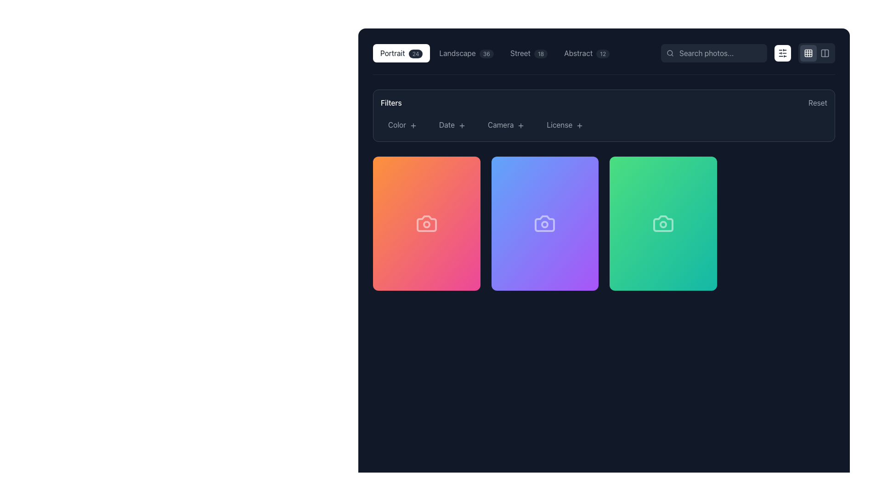  What do you see at coordinates (565, 171) in the screenshot?
I see `the button located in the top right corner of the second card to interact` at bounding box center [565, 171].